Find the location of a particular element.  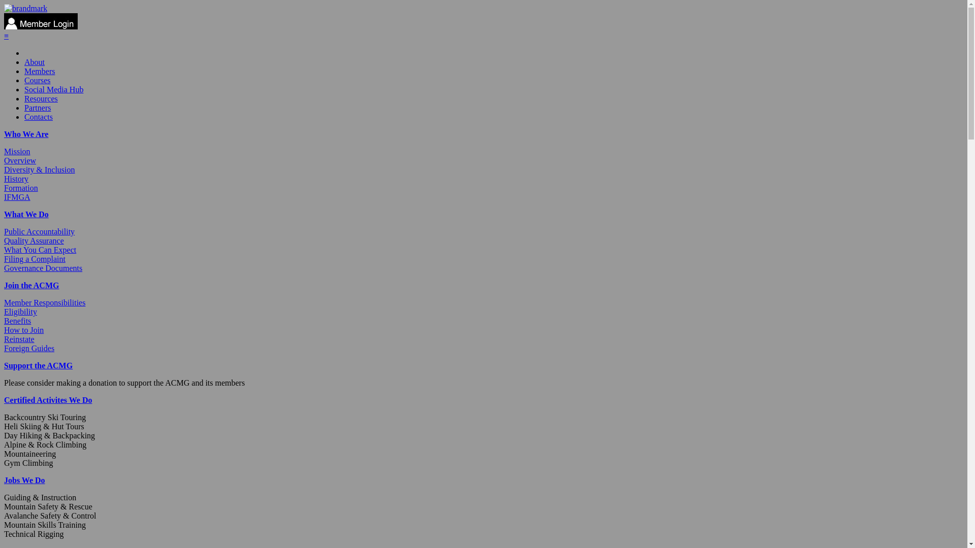

'Mission' is located at coordinates (17, 151).